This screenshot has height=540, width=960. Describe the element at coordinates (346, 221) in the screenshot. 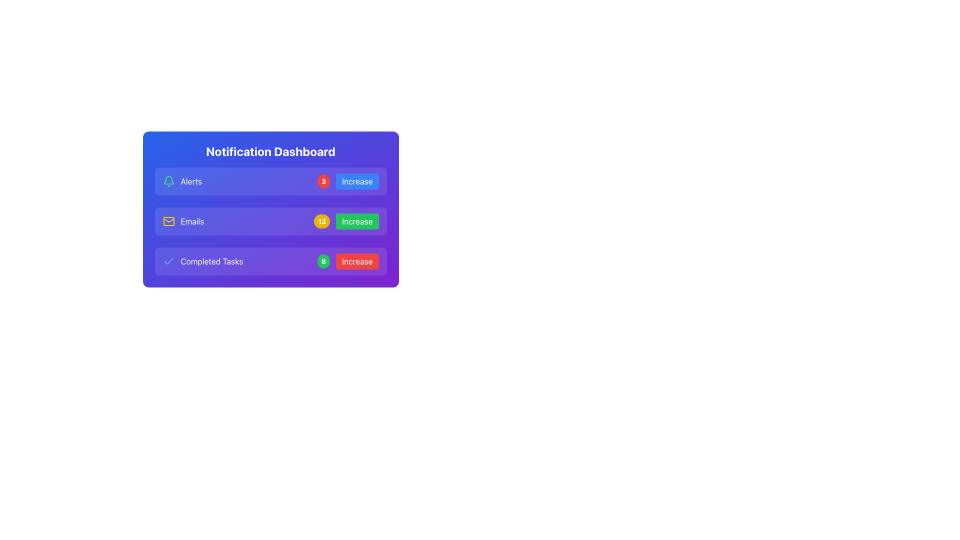

I see `the green rectangular button labeled 'Increase' that is part of the UI component with a yellow circular badge showing the number '12' in the 'Emails' notification row` at that location.